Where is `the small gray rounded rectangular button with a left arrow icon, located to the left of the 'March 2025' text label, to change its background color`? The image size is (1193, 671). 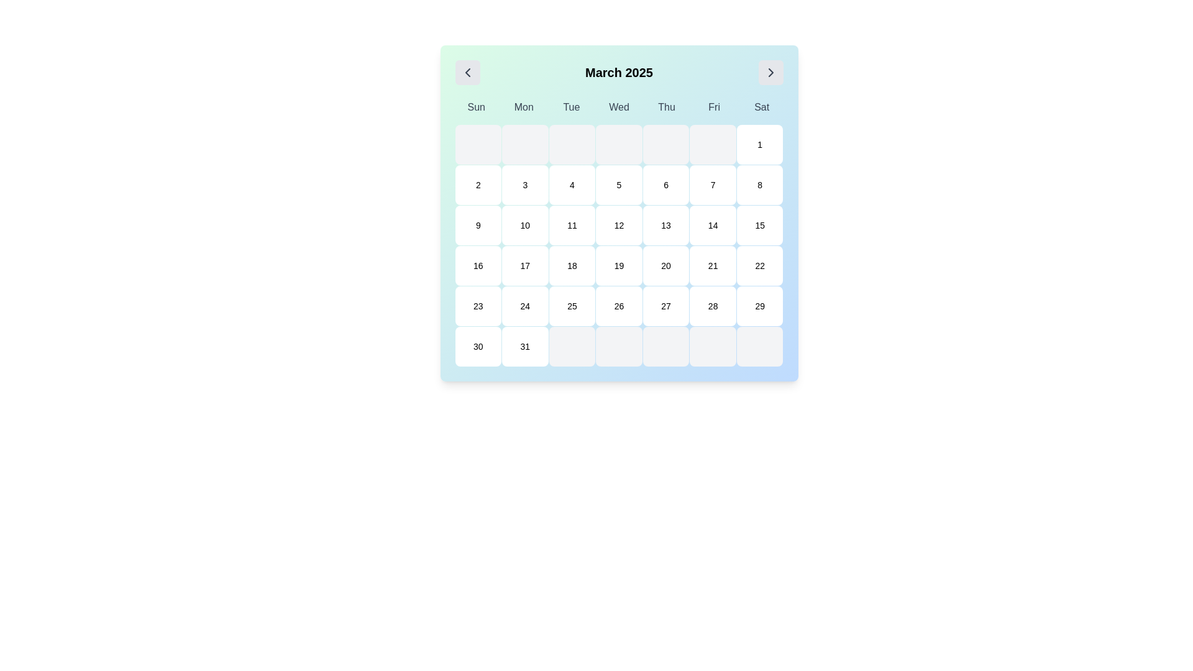 the small gray rounded rectangular button with a left arrow icon, located to the left of the 'March 2025' text label, to change its background color is located at coordinates (467, 72).